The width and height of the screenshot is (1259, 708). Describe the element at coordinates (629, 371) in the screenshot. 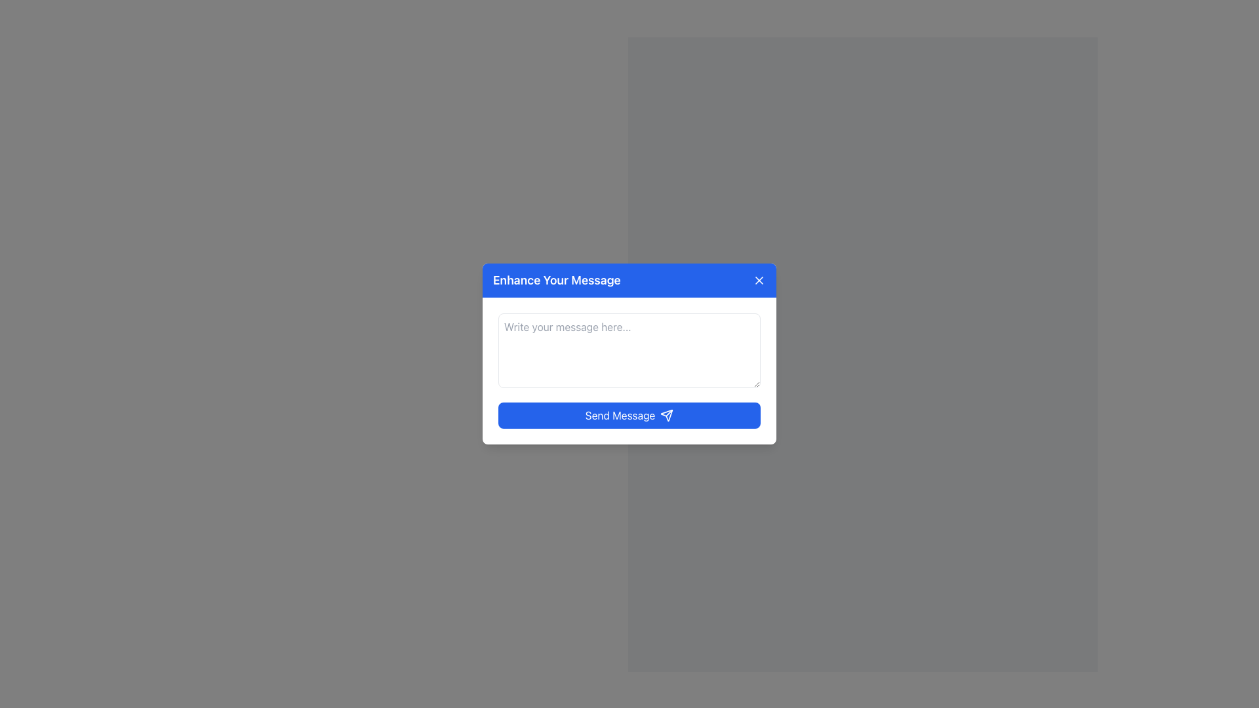

I see `the text inside the text input field with placeholder 'Write your message here...' located in the 'Enhance Your Message' popup` at that location.